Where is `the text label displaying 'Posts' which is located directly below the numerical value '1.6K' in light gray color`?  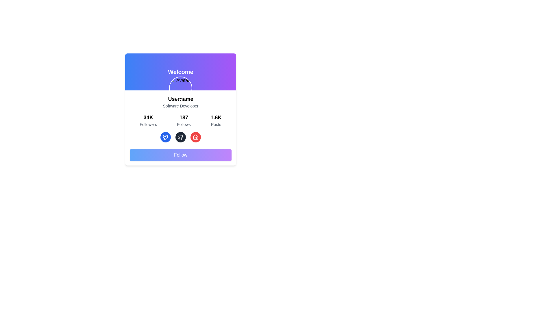
the text label displaying 'Posts' which is located directly below the numerical value '1.6K' in light gray color is located at coordinates (216, 124).